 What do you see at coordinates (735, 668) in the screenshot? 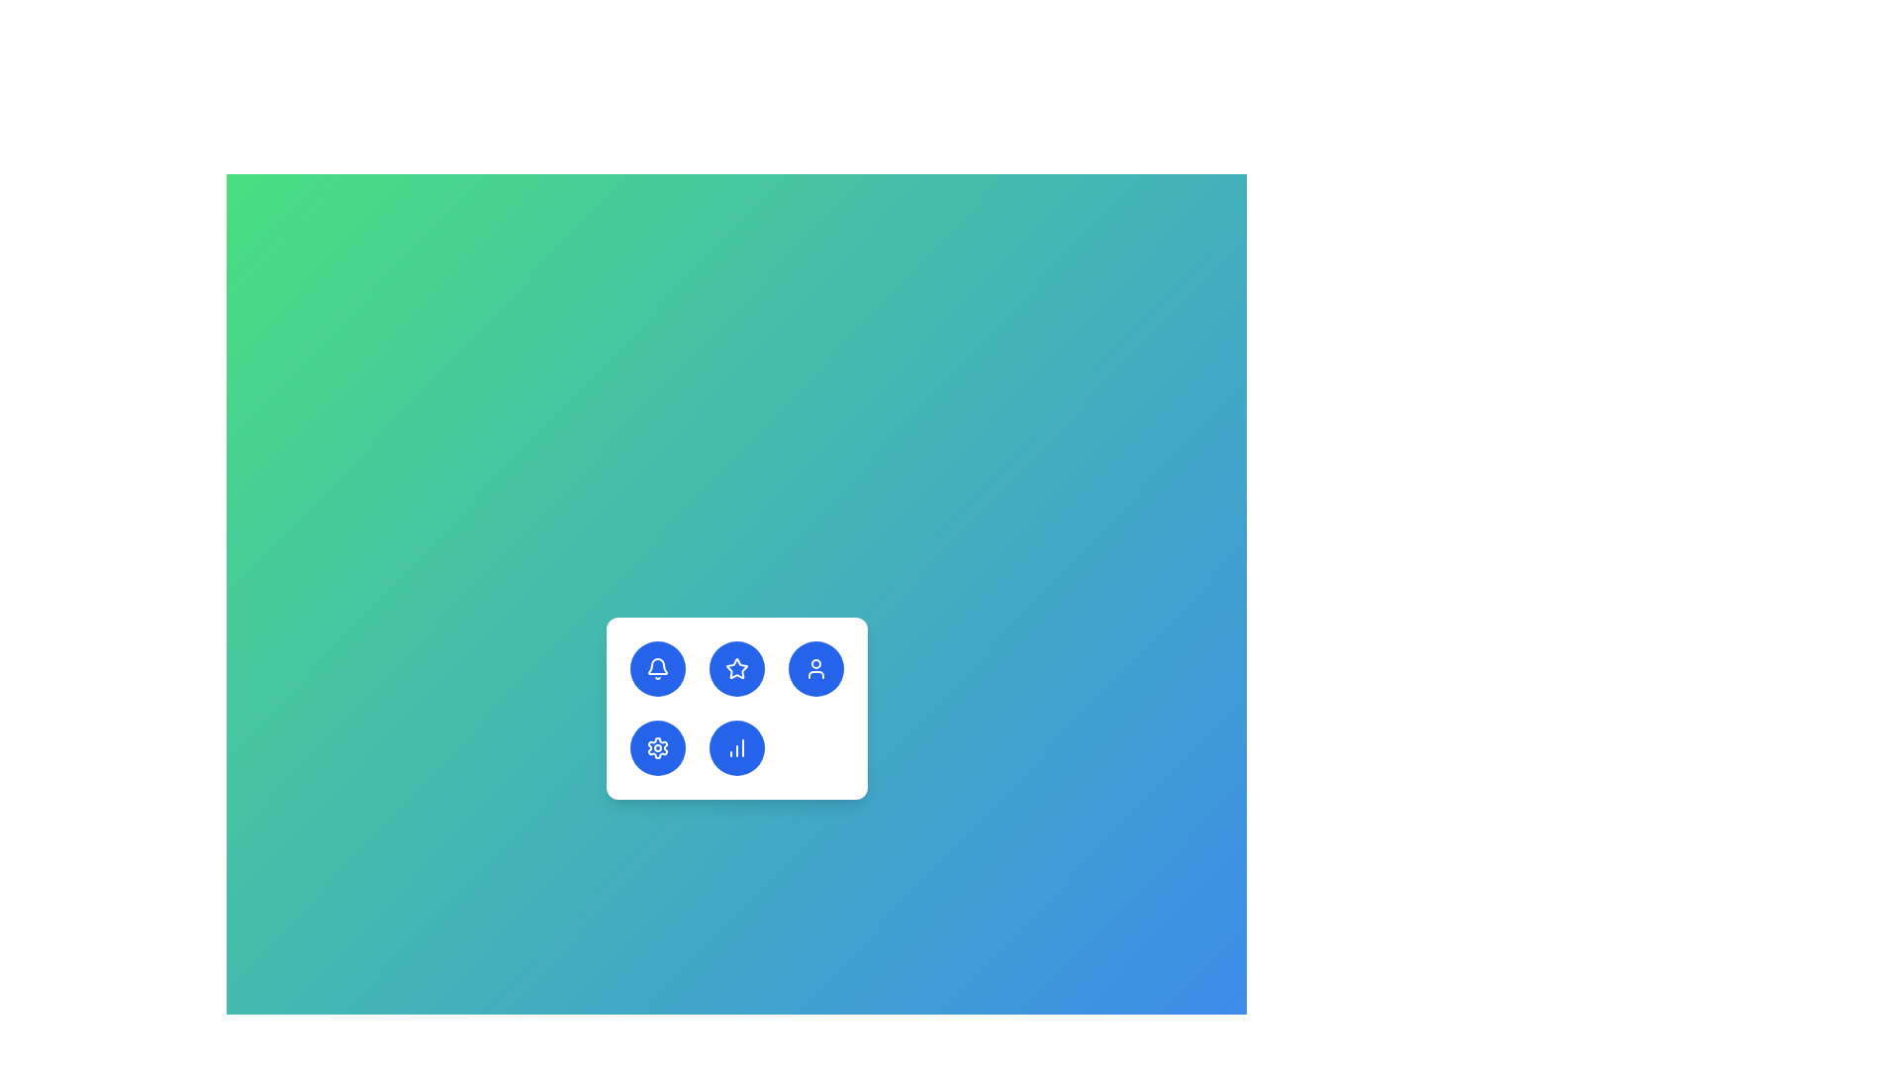
I see `the star button located in the middle row and second column of a 3x2 grid of circular buttons` at bounding box center [735, 668].